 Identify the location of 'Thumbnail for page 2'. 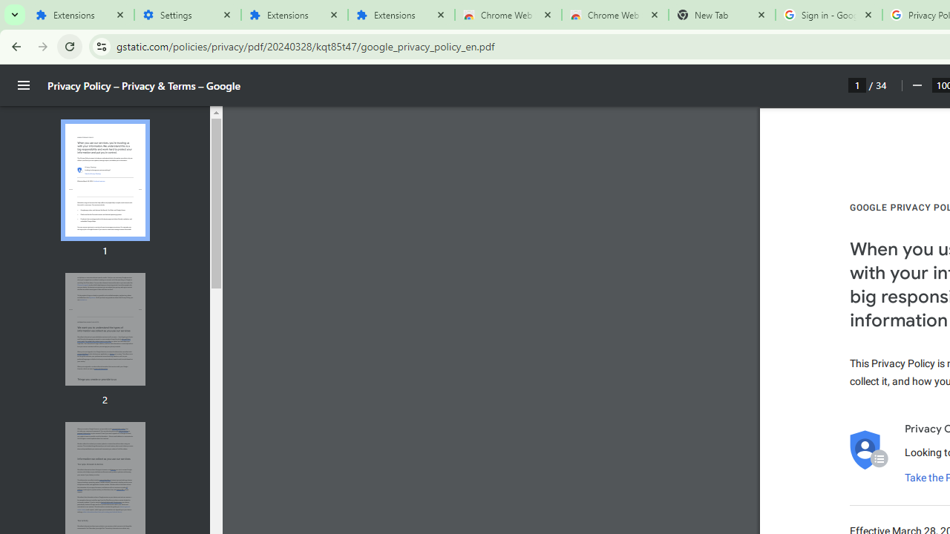
(104, 329).